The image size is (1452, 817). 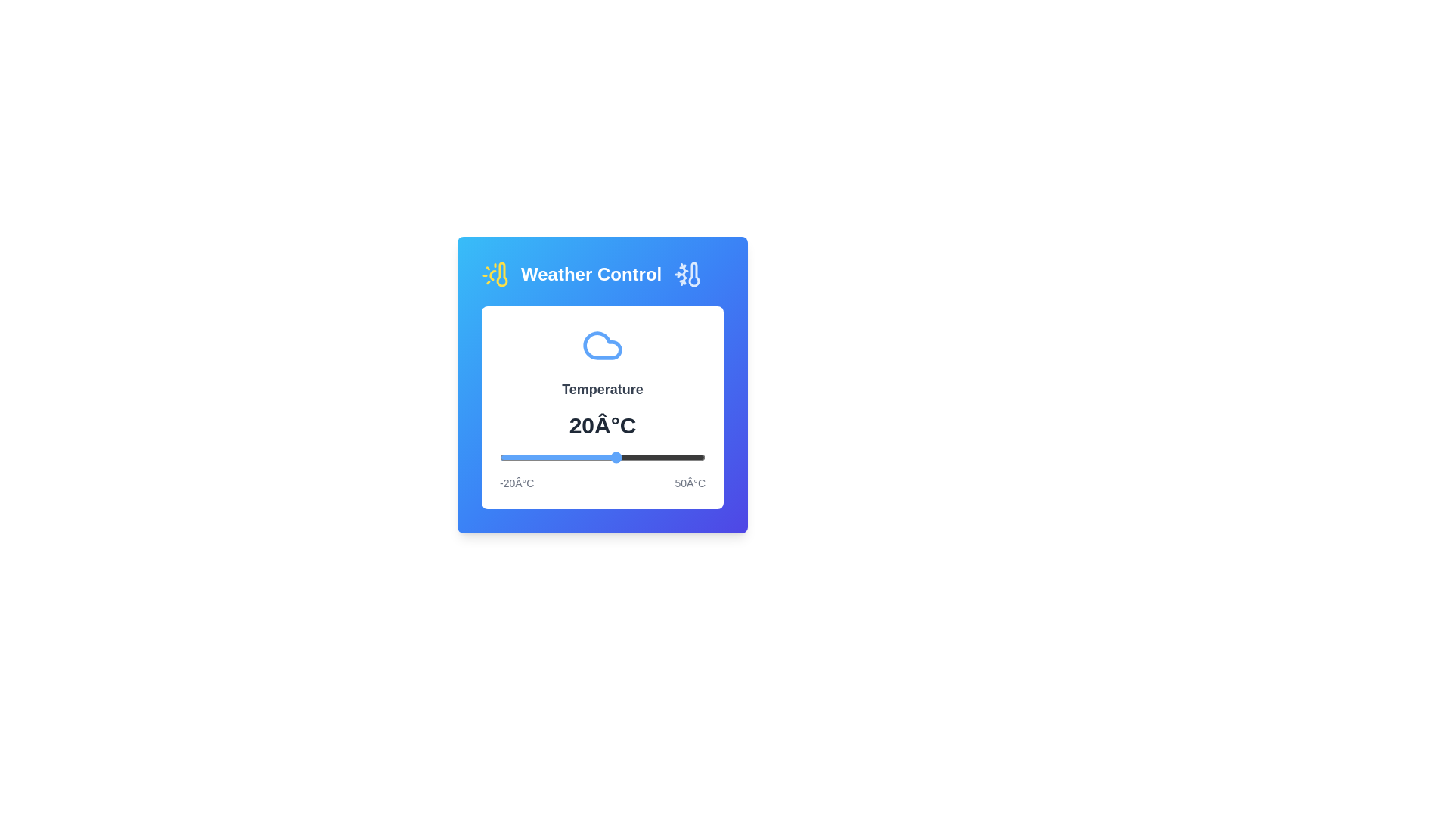 I want to click on the temperature to 37°C using the slider, so click(x=666, y=457).